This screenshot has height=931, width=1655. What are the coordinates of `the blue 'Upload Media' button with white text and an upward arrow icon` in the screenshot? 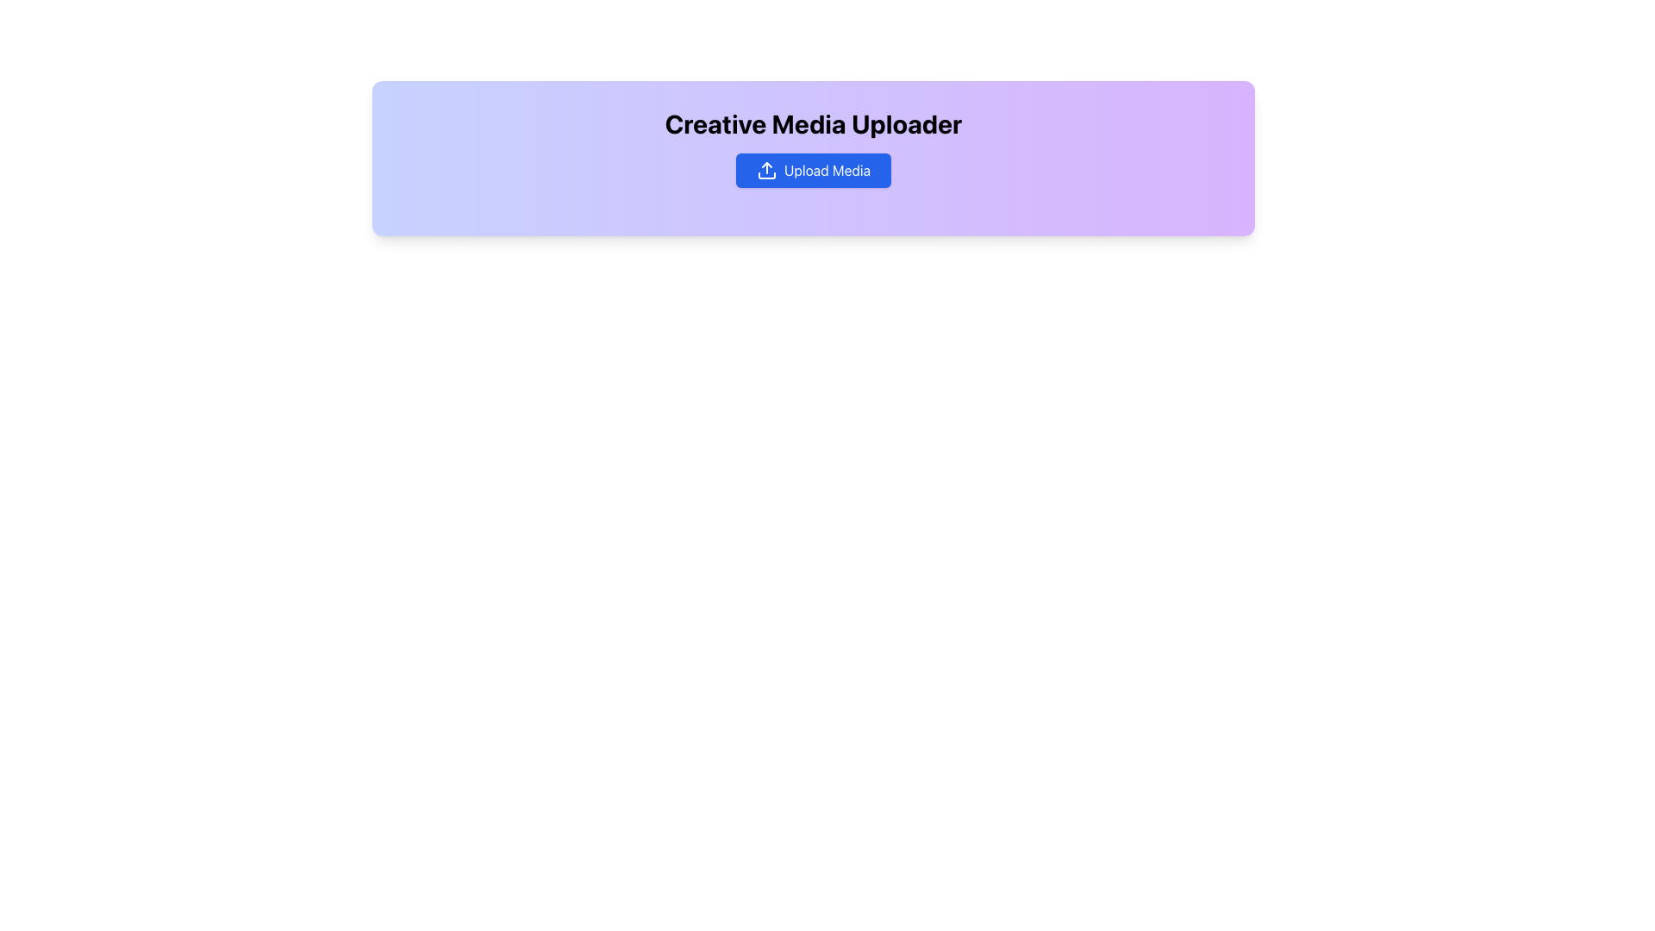 It's located at (813, 170).